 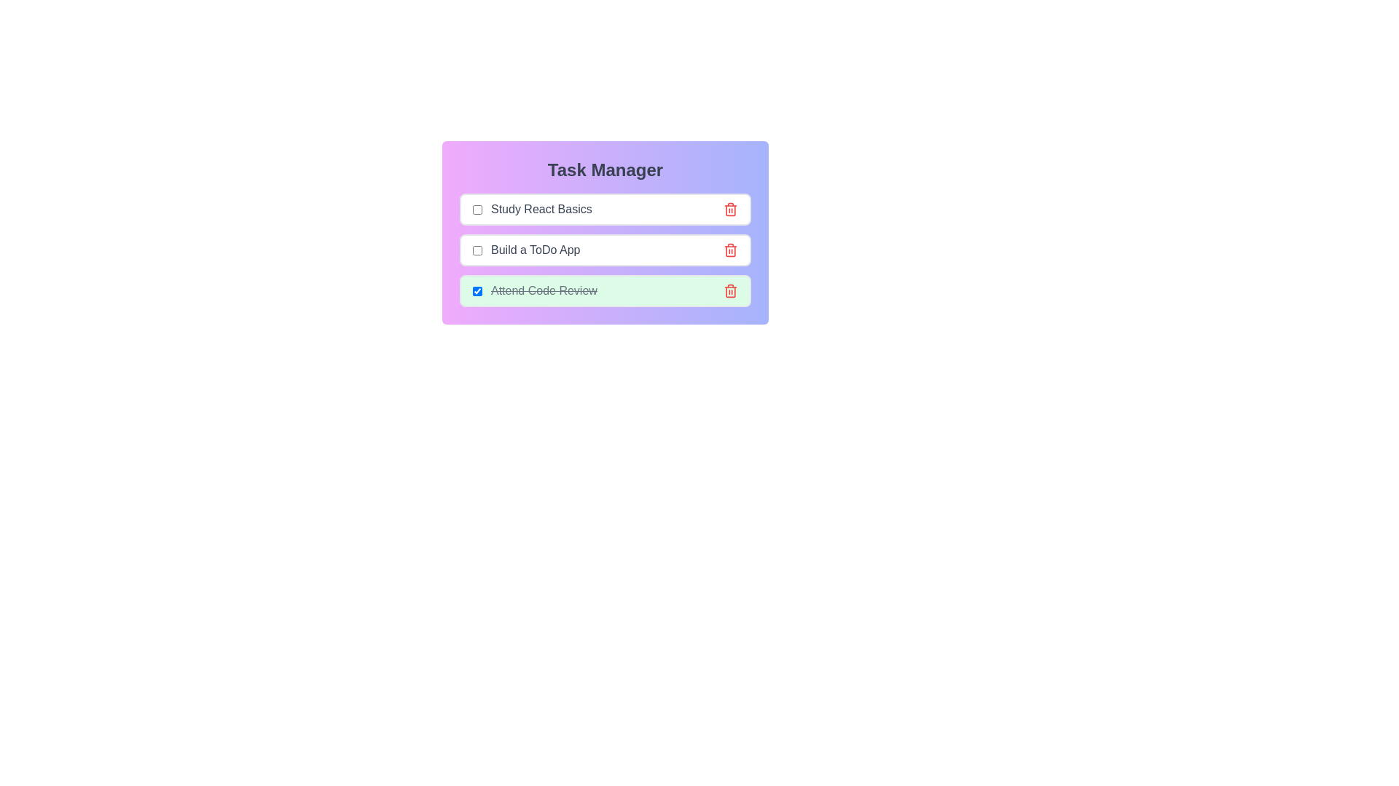 I want to click on the delete button for the task titled Build a ToDo App, so click(x=731, y=249).